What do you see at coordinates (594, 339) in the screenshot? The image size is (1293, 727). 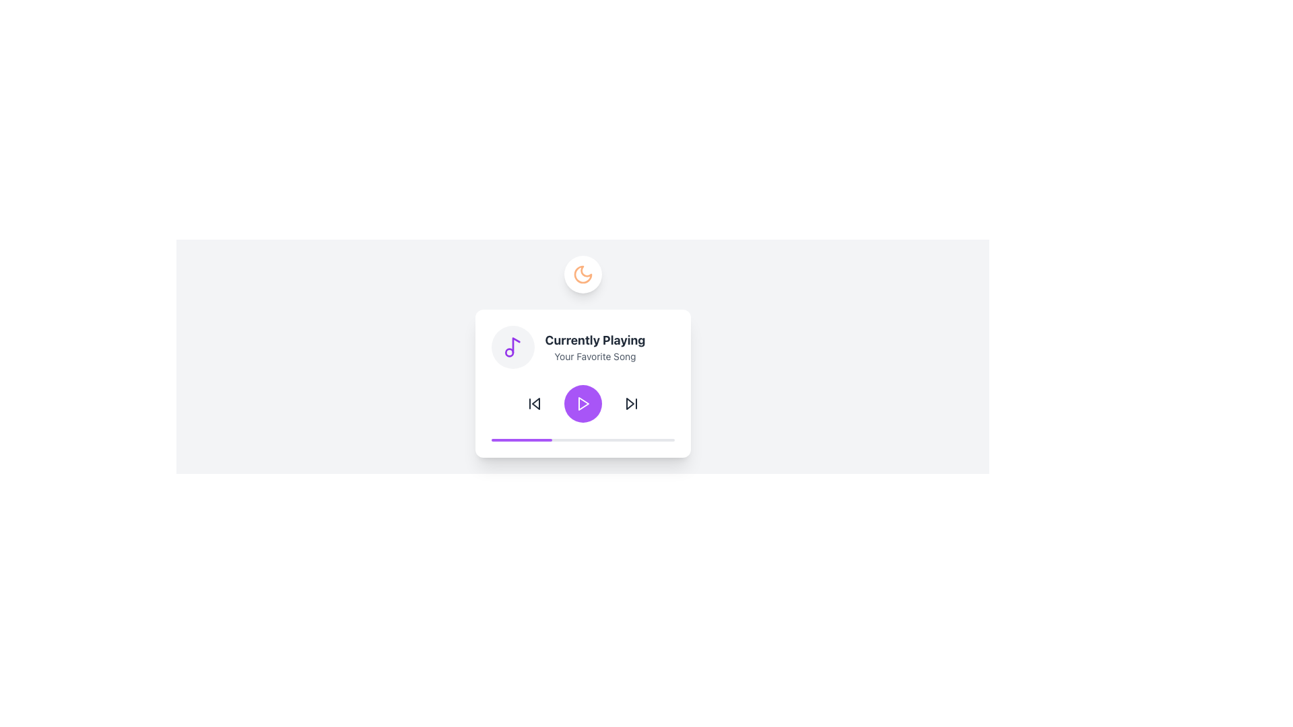 I see `the bold text label reading 'Currently Playing' at the upper segment of the music player interface` at bounding box center [594, 339].